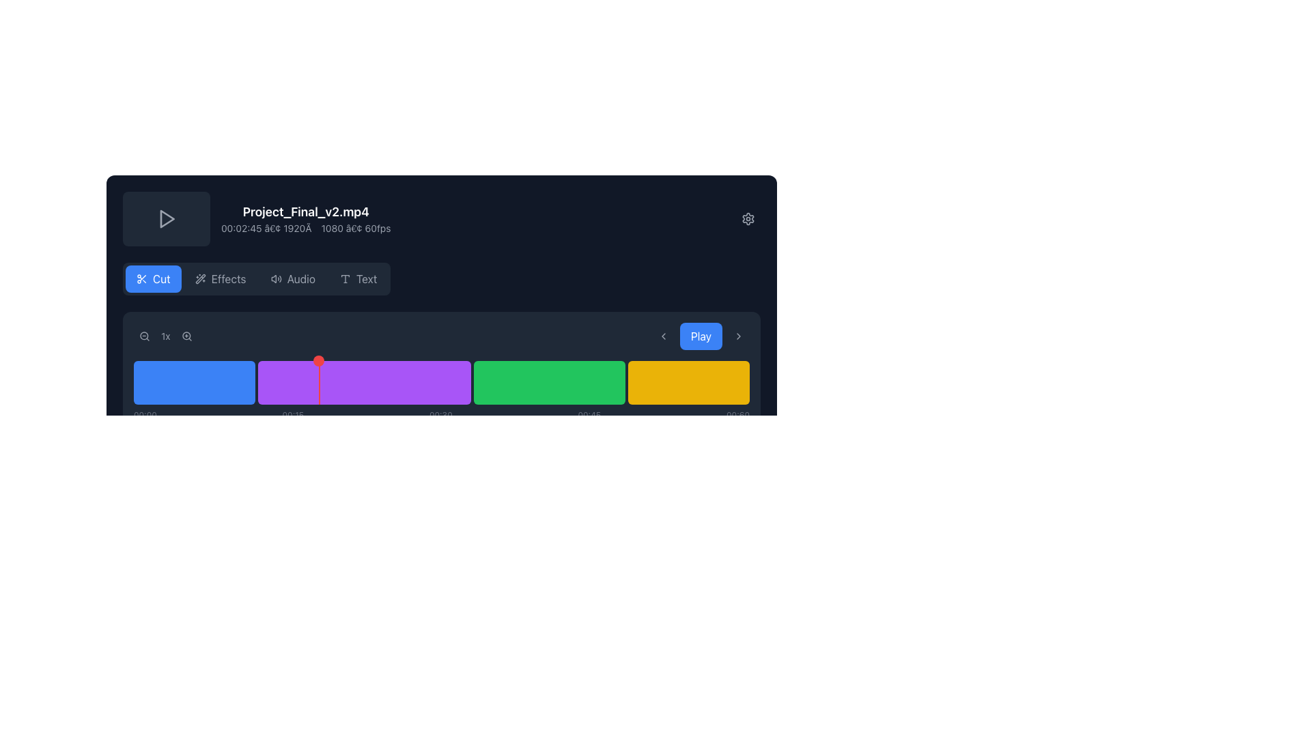  I want to click on metadata displayed in the text block that provides information about the media file, including its filename, duration, resolution, and frame rate, located to the right of the video thumbnail in the upper-left quadrant of the interface, so click(305, 218).